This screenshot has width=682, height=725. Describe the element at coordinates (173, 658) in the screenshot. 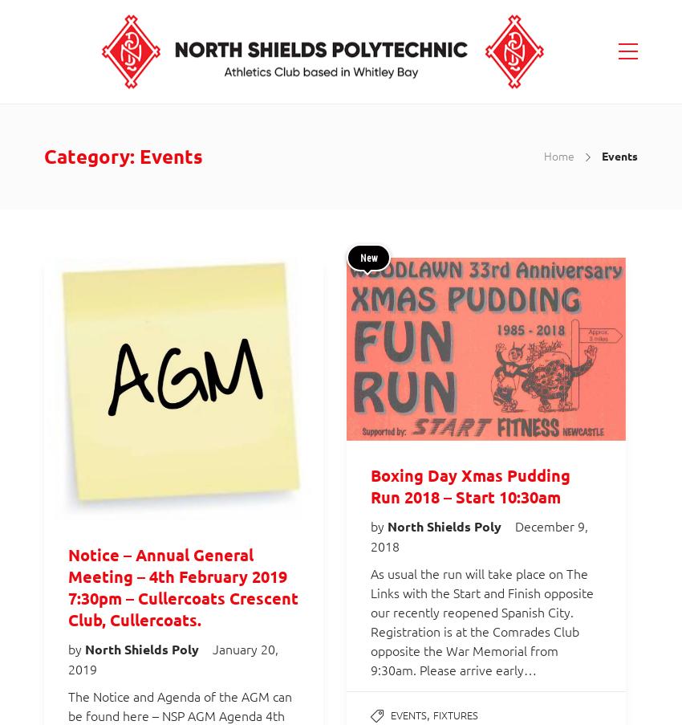

I see `'January 20, 2019'` at that location.